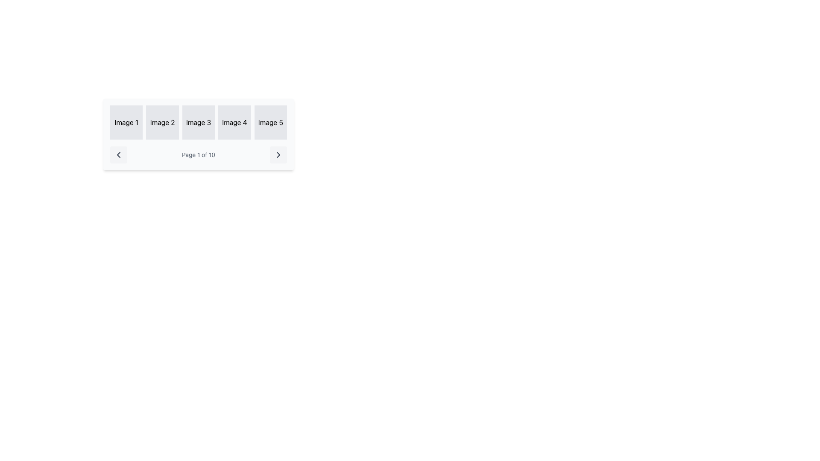  I want to click on the Chevron navigation icon located on the far-right side of the carousel navigation controls, so click(278, 155).